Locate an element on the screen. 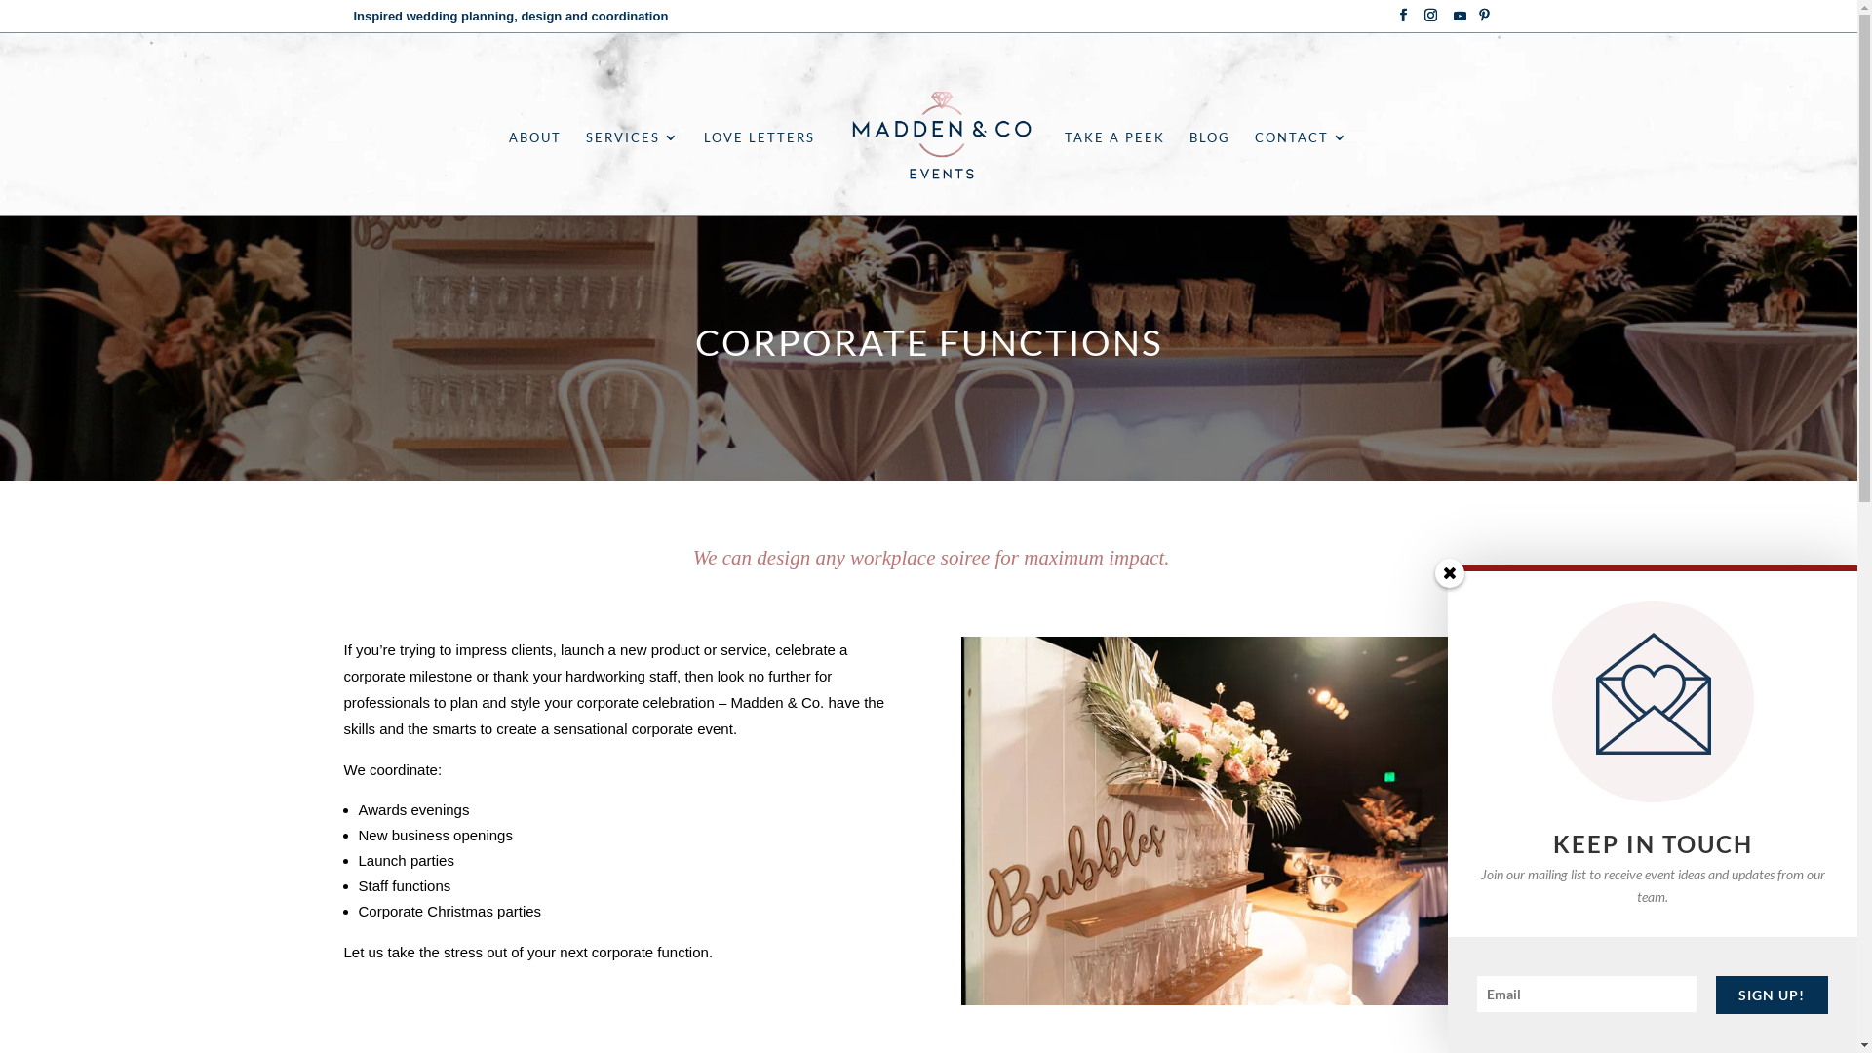 The width and height of the screenshot is (1872, 1053). 'CONTACT' is located at coordinates (1254, 172).